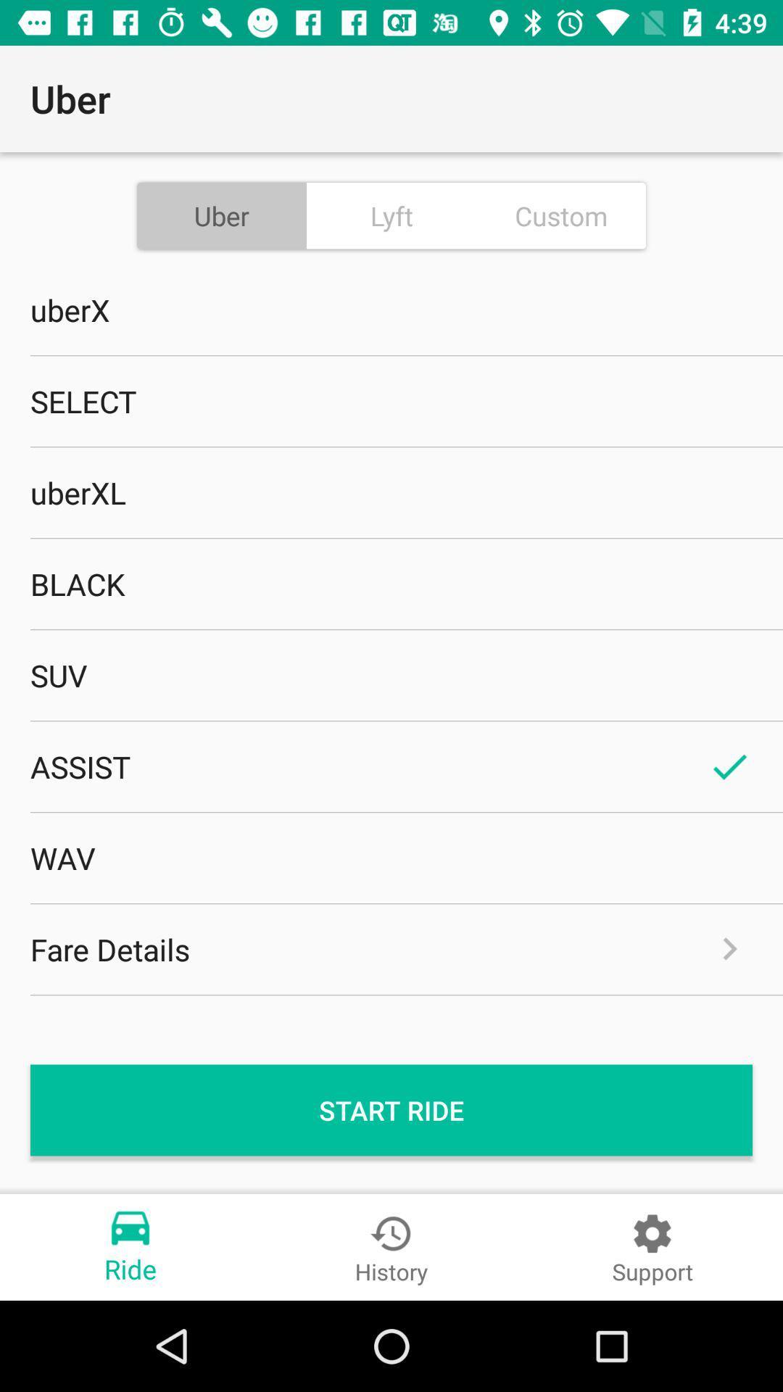 This screenshot has width=783, height=1392. What do you see at coordinates (391, 215) in the screenshot?
I see `the item above uberx` at bounding box center [391, 215].